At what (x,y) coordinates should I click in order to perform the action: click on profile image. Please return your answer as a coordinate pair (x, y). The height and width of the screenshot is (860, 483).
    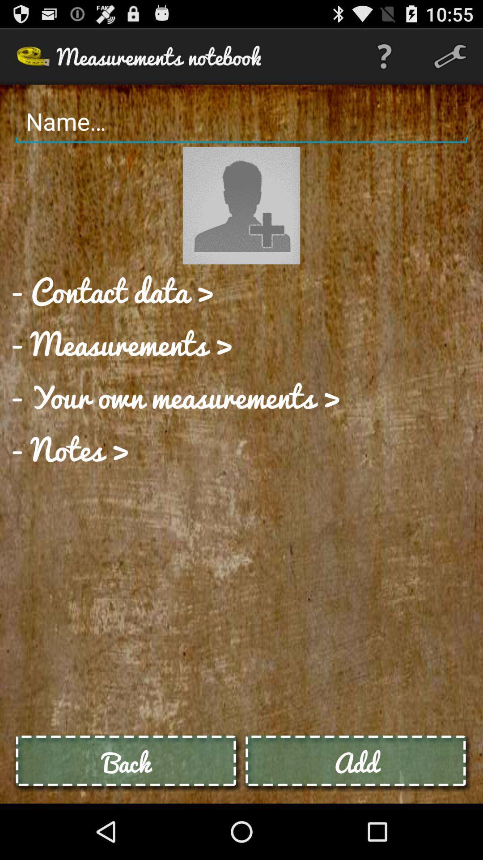
    Looking at the image, I should click on (241, 205).